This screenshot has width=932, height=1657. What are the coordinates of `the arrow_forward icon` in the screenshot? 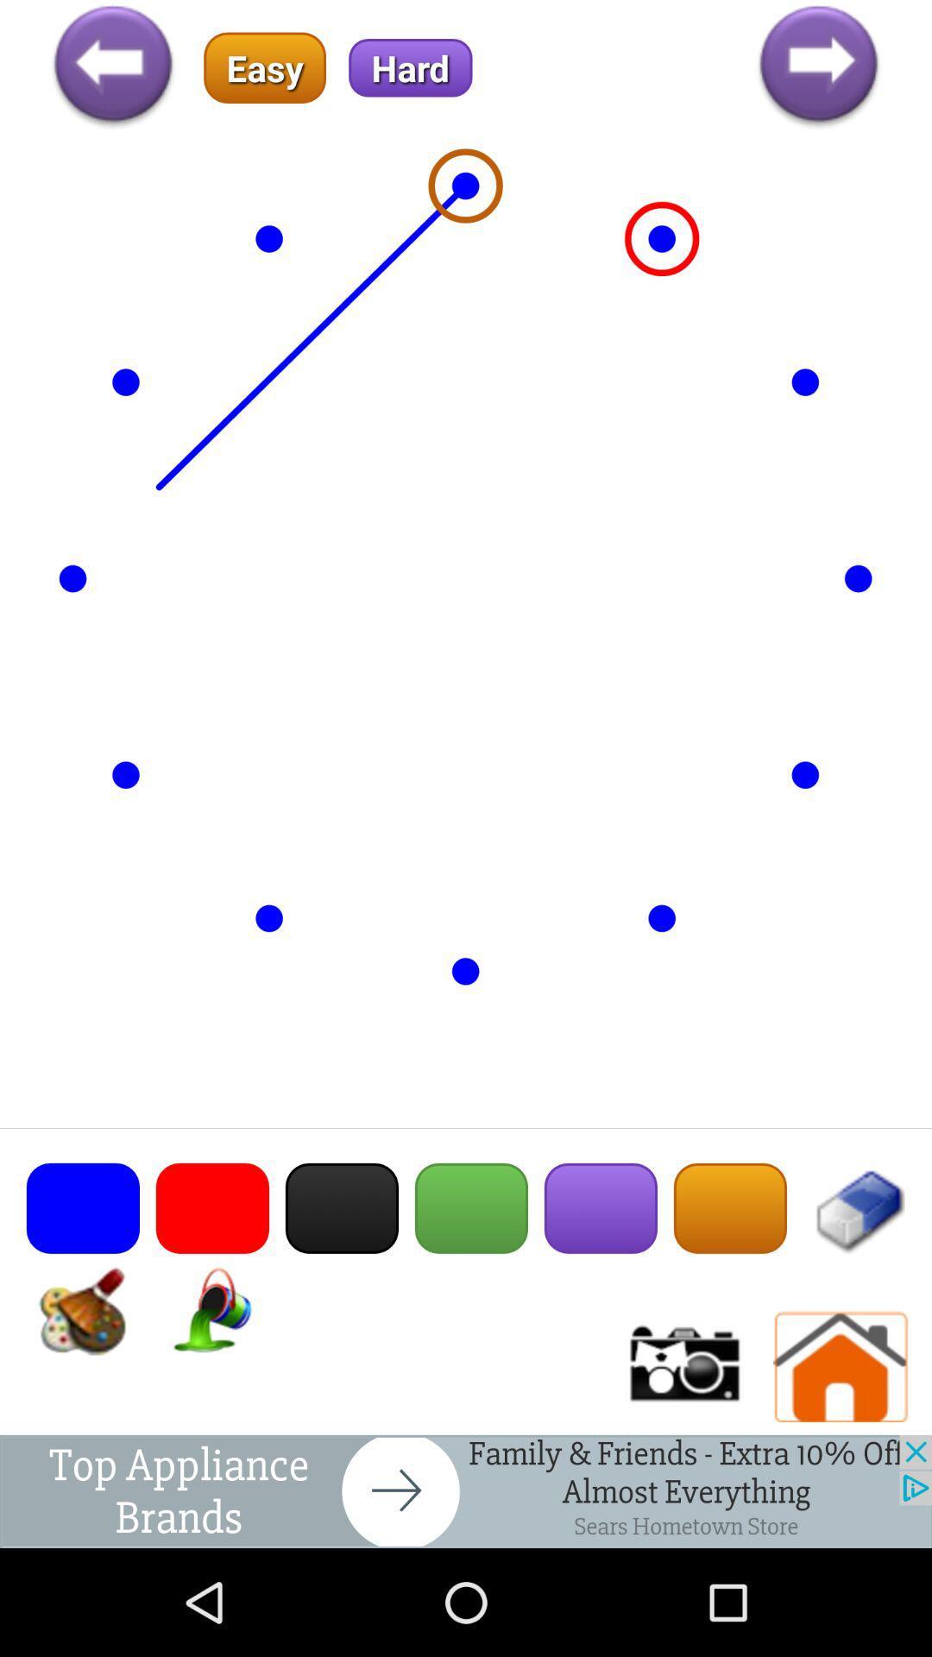 It's located at (817, 72).